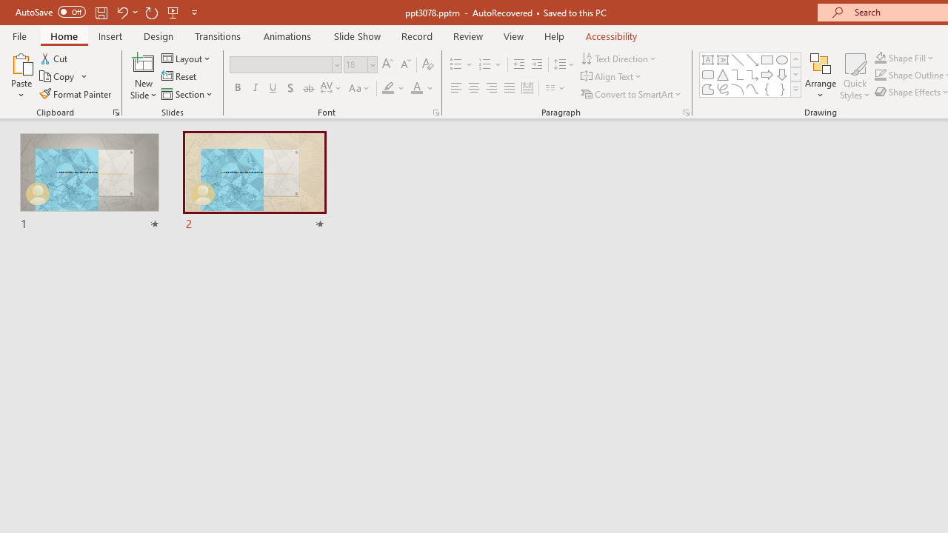 The image size is (948, 533). I want to click on 'Bullets', so click(455, 64).